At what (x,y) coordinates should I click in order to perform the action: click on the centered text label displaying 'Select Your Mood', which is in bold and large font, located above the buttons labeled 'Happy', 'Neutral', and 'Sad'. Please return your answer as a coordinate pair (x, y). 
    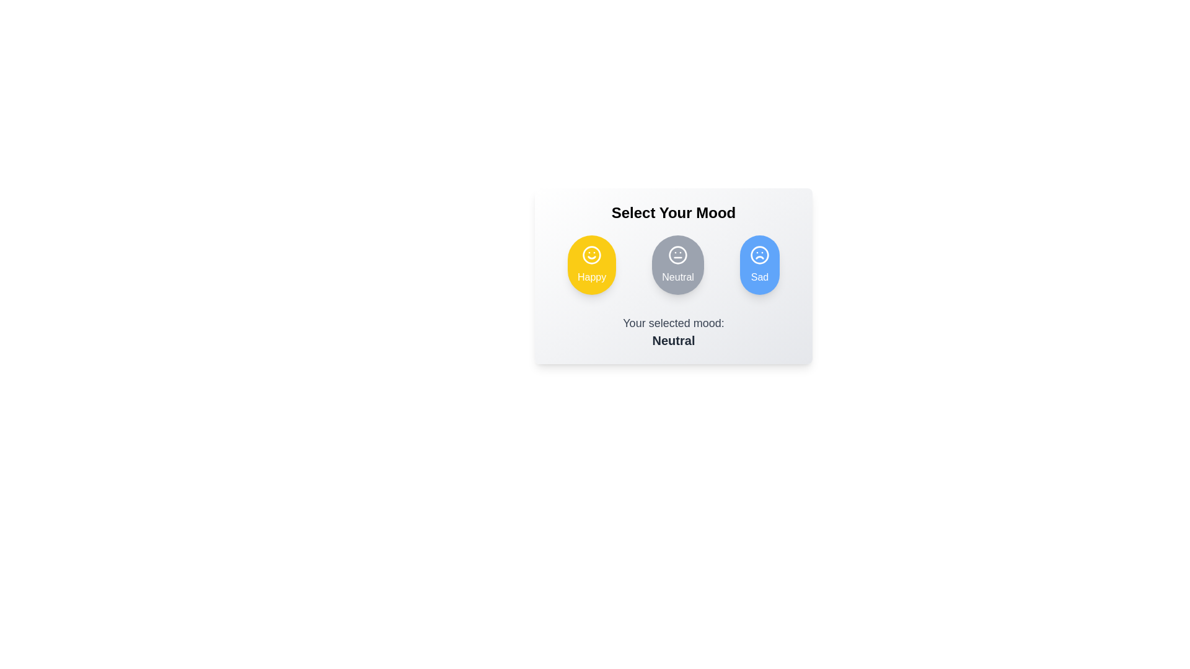
    Looking at the image, I should click on (672, 212).